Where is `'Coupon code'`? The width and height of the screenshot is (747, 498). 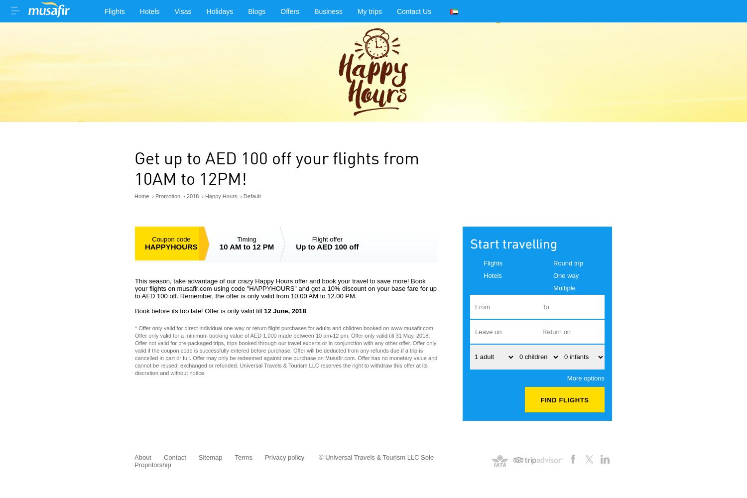 'Coupon code' is located at coordinates (151, 238).